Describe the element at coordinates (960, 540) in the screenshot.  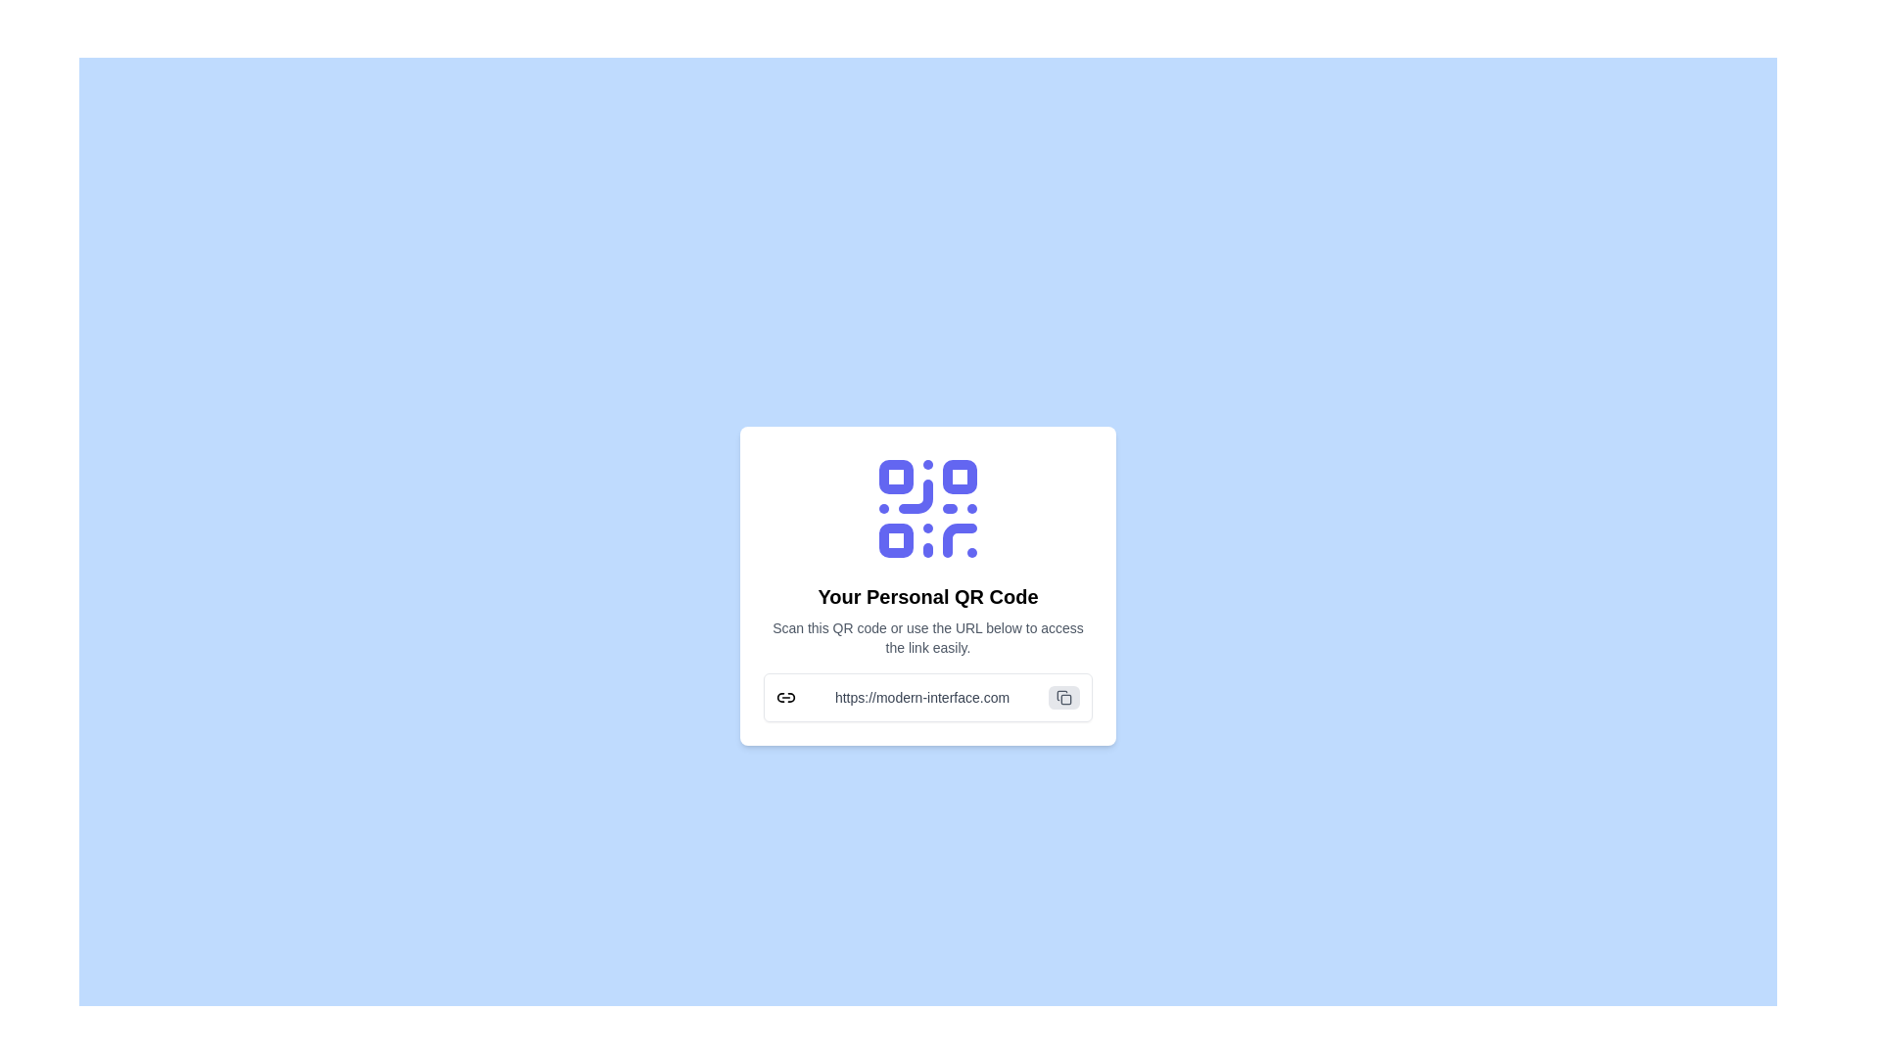
I see `the curved line segment that is part of the QR code-like graphic located in the bottom-right quadrant of the card interface` at that location.